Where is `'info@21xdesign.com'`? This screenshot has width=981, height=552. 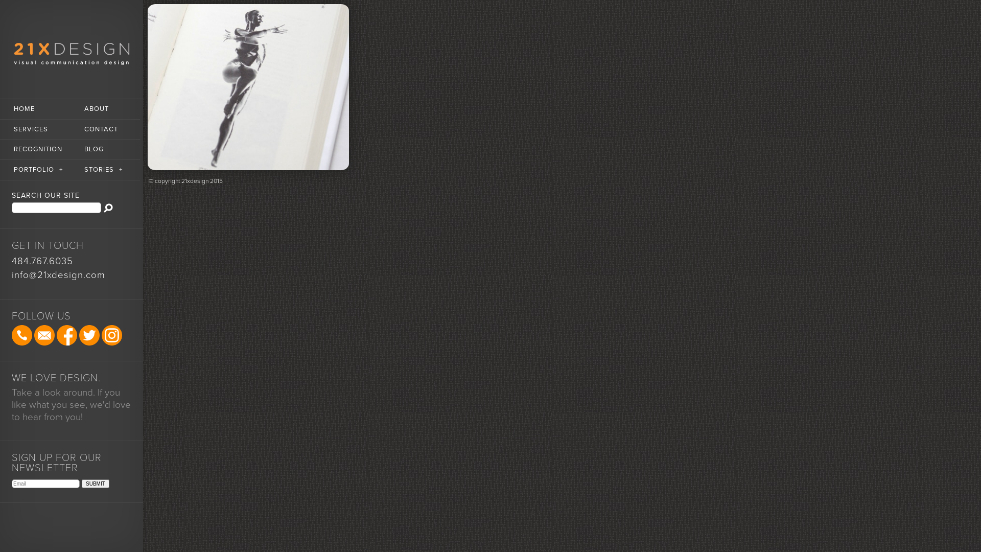 'info@21xdesign.com' is located at coordinates (58, 274).